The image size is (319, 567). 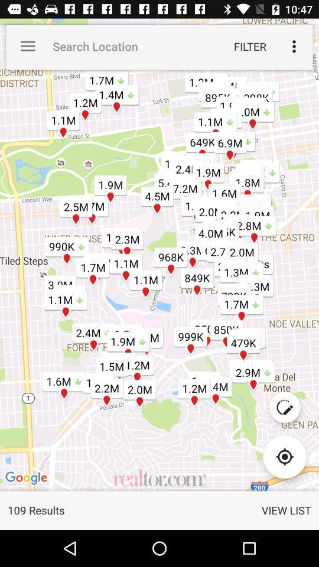 I want to click on the app to the left of the search location icon, so click(x=28, y=46).